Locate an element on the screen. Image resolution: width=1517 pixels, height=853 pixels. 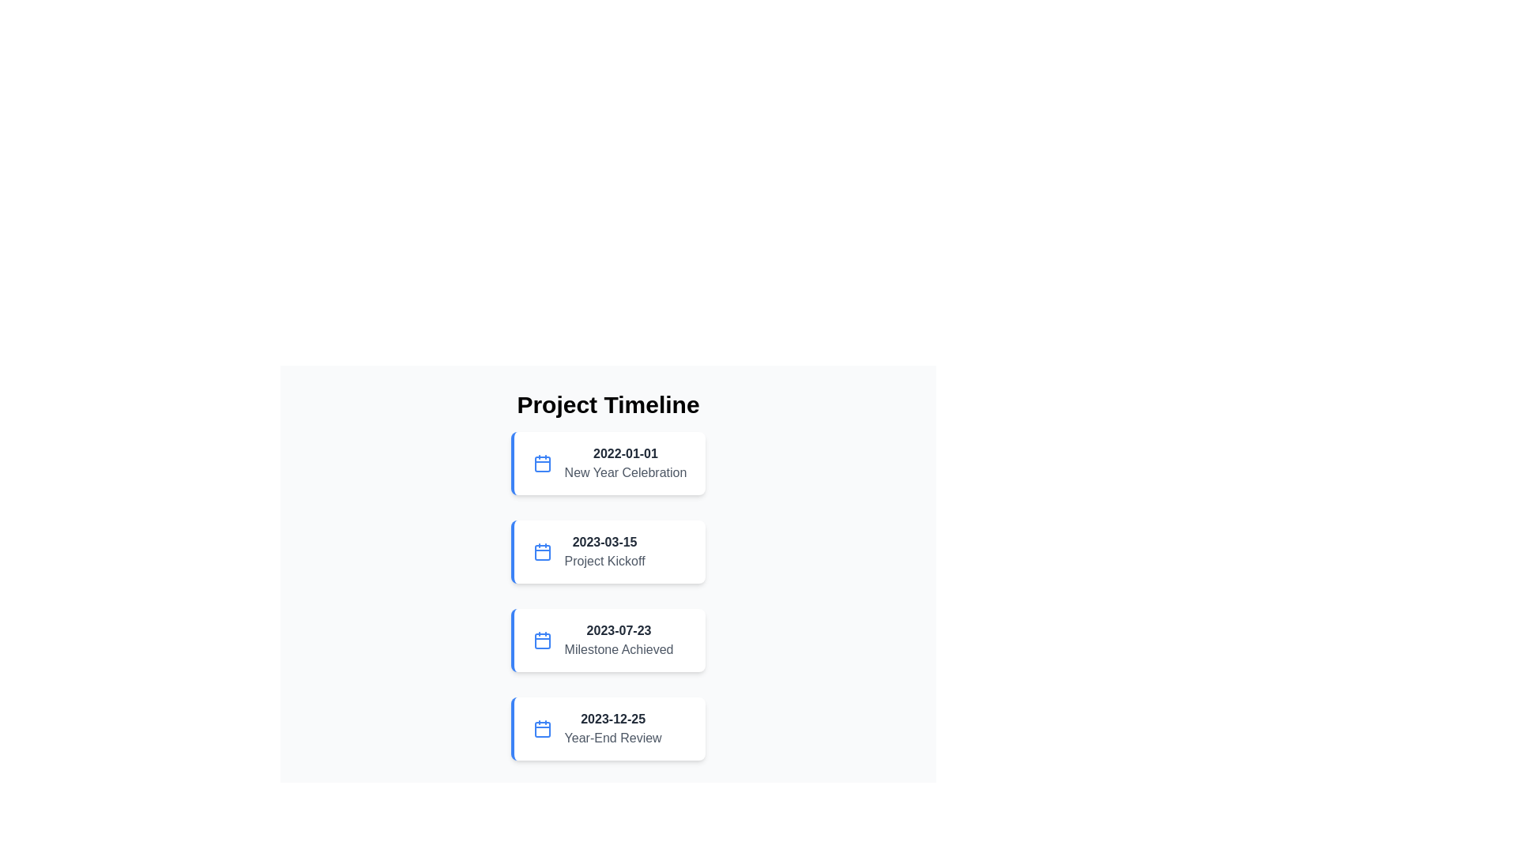
the text label displaying 'Milestone Achieved' which is located below the date '2023-07-23' in the third card of the vertical timeline is located at coordinates (618, 649).